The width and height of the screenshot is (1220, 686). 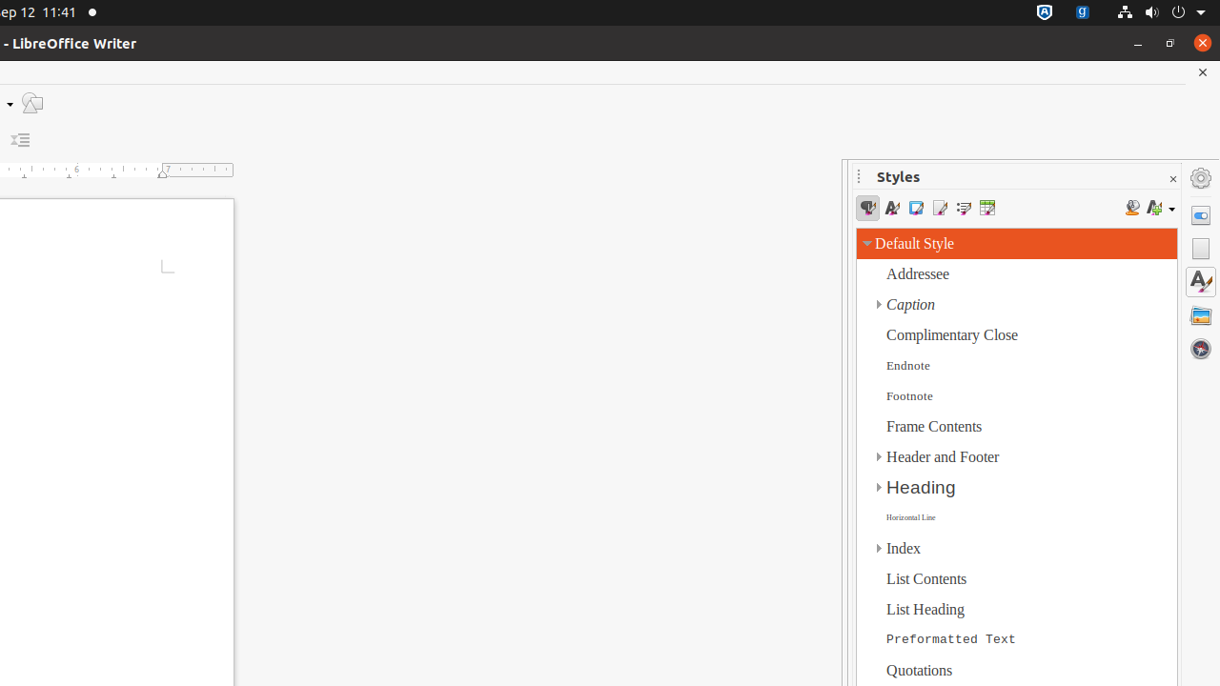 I want to click on 'org.kde.StatusNotifierItem-14077-1', so click(x=1083, y=12).